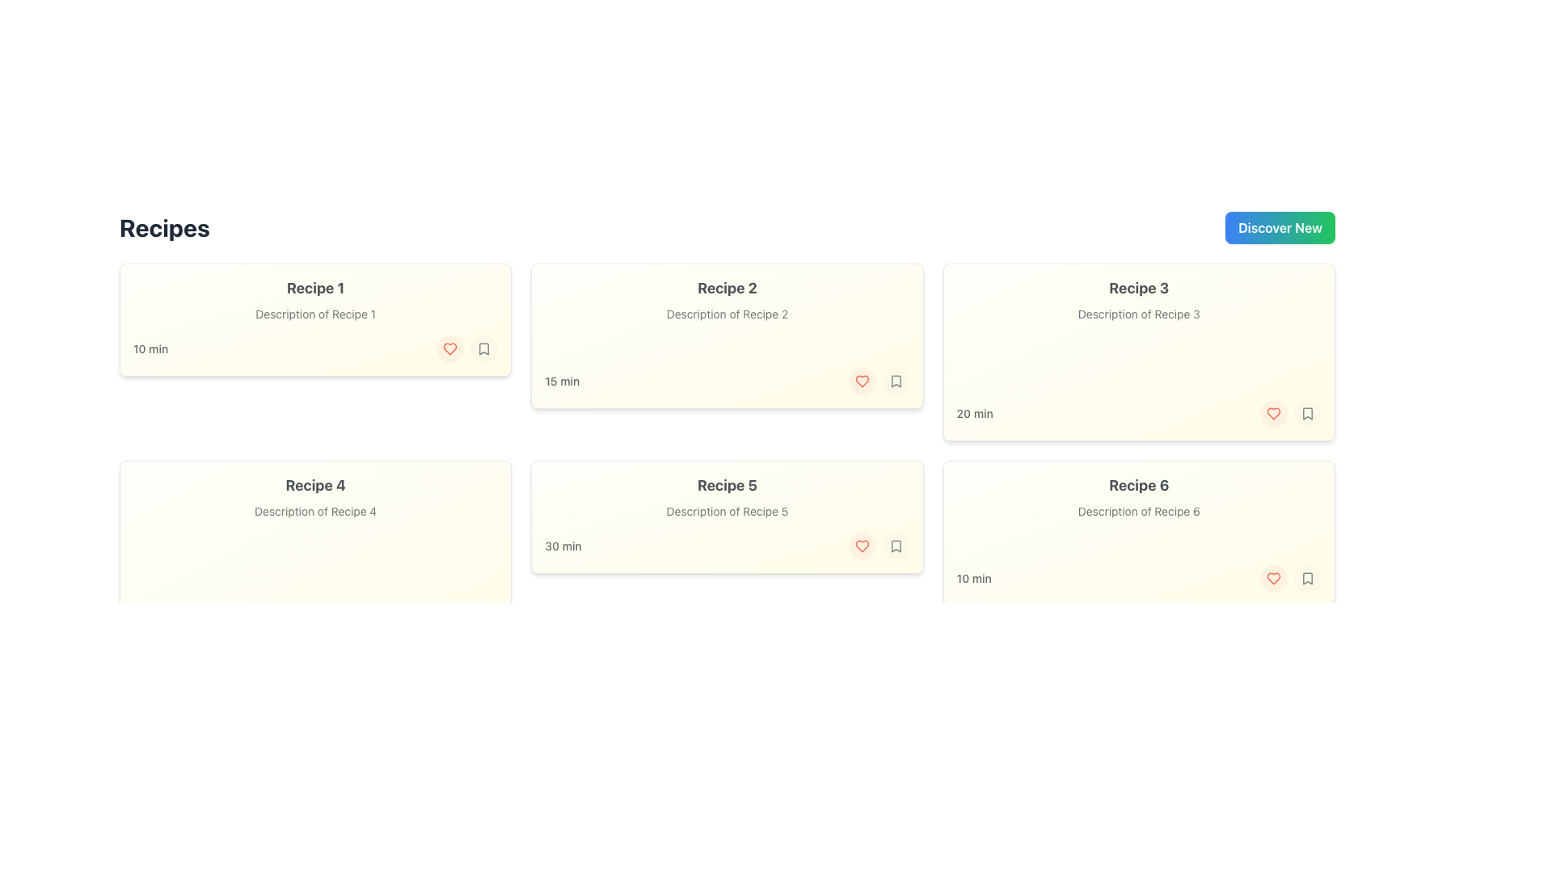 The width and height of the screenshot is (1552, 873). What do you see at coordinates (726, 517) in the screenshot?
I see `the rectangular card with rounded corners featuring a light yellow background that contains the text 'Recipe 5' in bold, along with its description and timing information` at bounding box center [726, 517].